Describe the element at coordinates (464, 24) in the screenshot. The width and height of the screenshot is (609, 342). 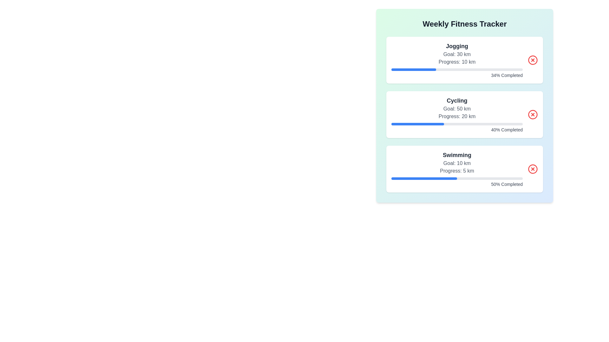
I see `the Header text at the top of the card-like component` at that location.